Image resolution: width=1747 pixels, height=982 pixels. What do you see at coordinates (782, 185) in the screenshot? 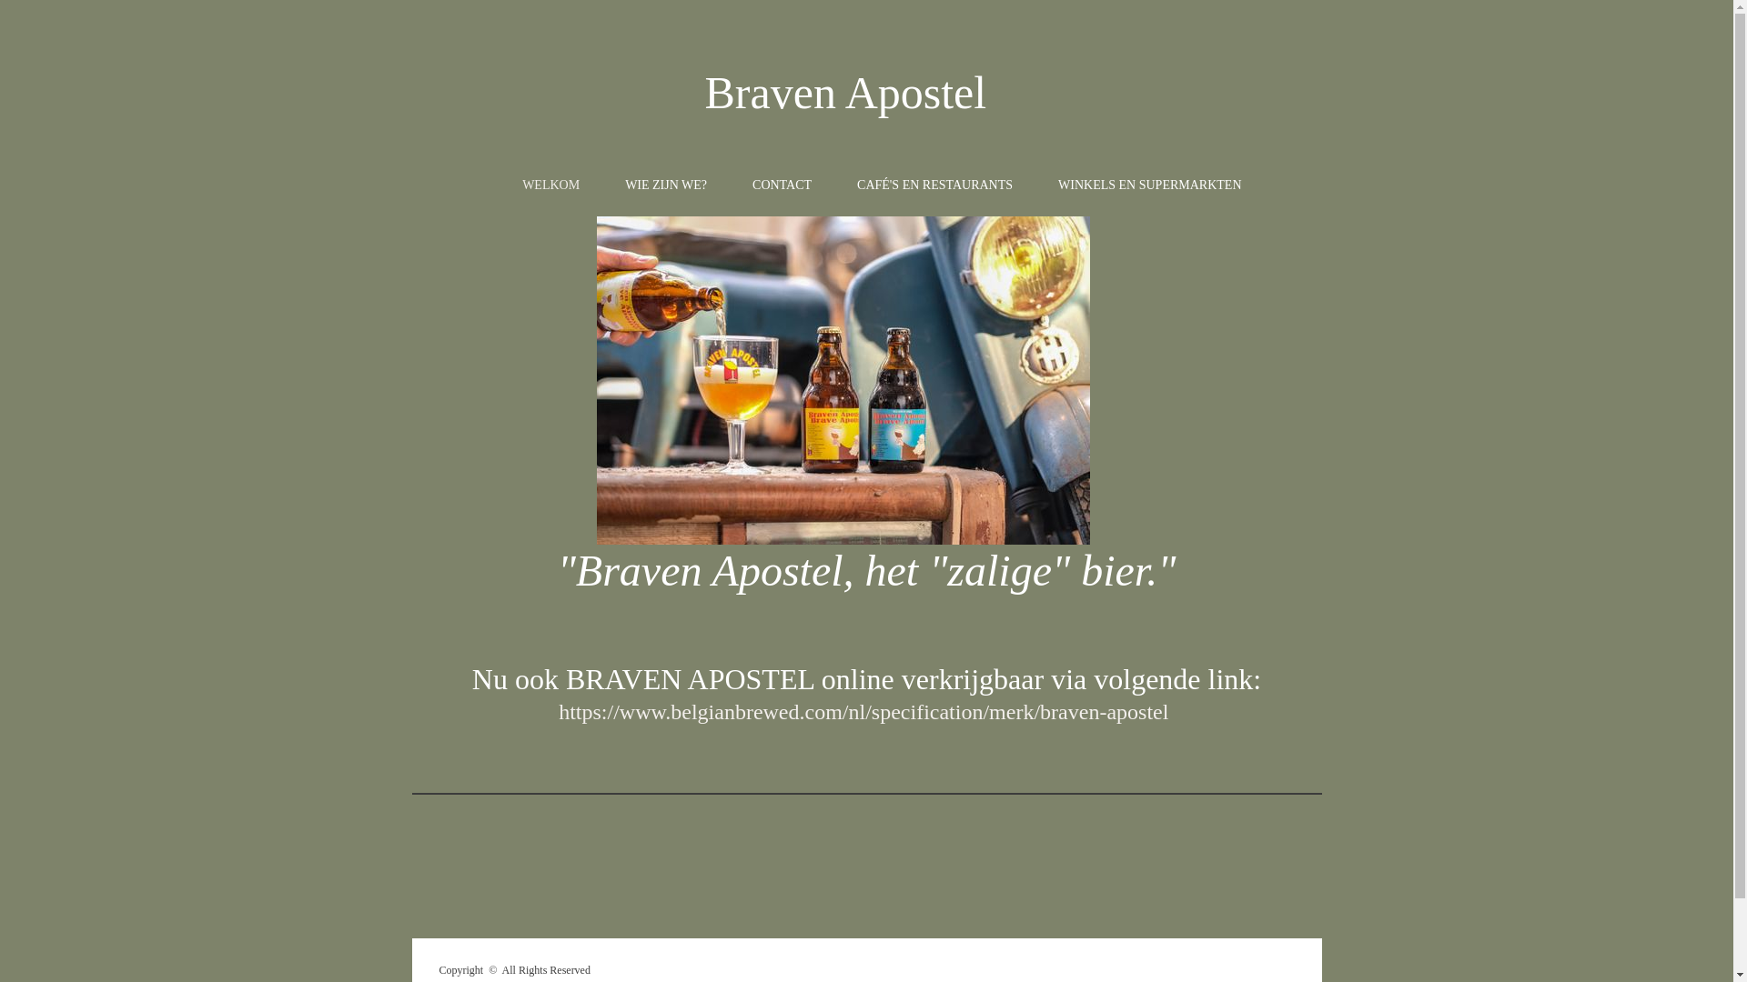
I see `'CONTACT'` at bounding box center [782, 185].